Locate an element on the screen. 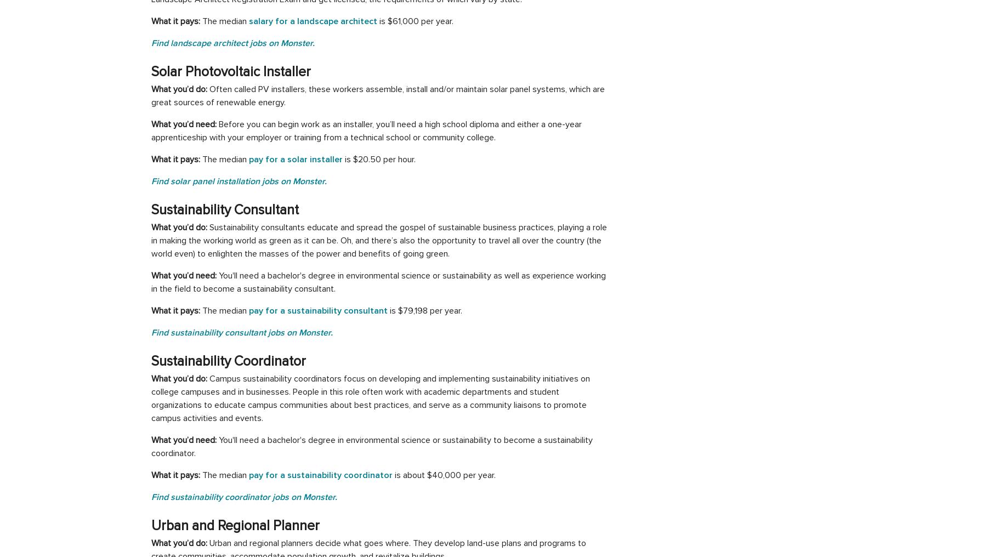 Image resolution: width=987 pixels, height=557 pixels. 'pay for a solar installer' is located at coordinates (248, 158).